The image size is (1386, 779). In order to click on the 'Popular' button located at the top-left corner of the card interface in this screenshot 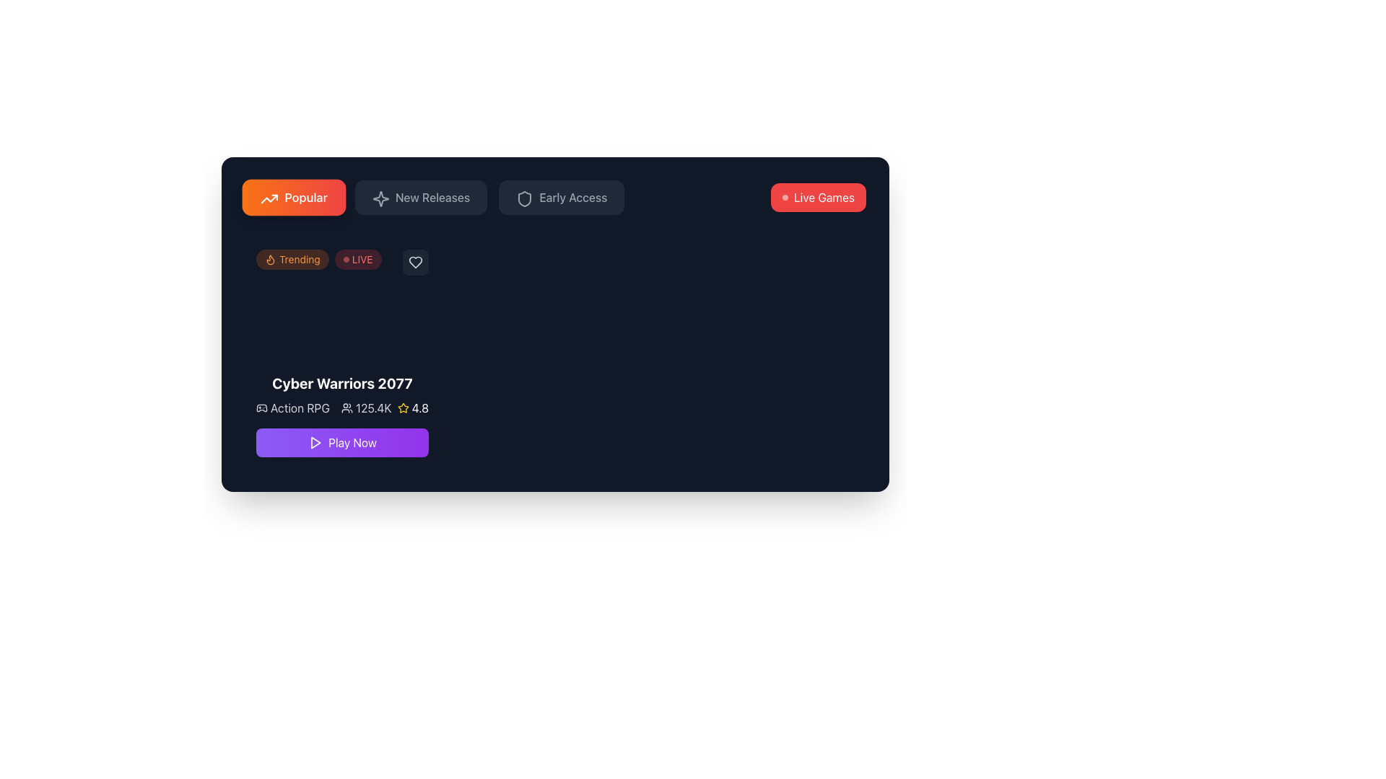, I will do `click(293, 197)`.